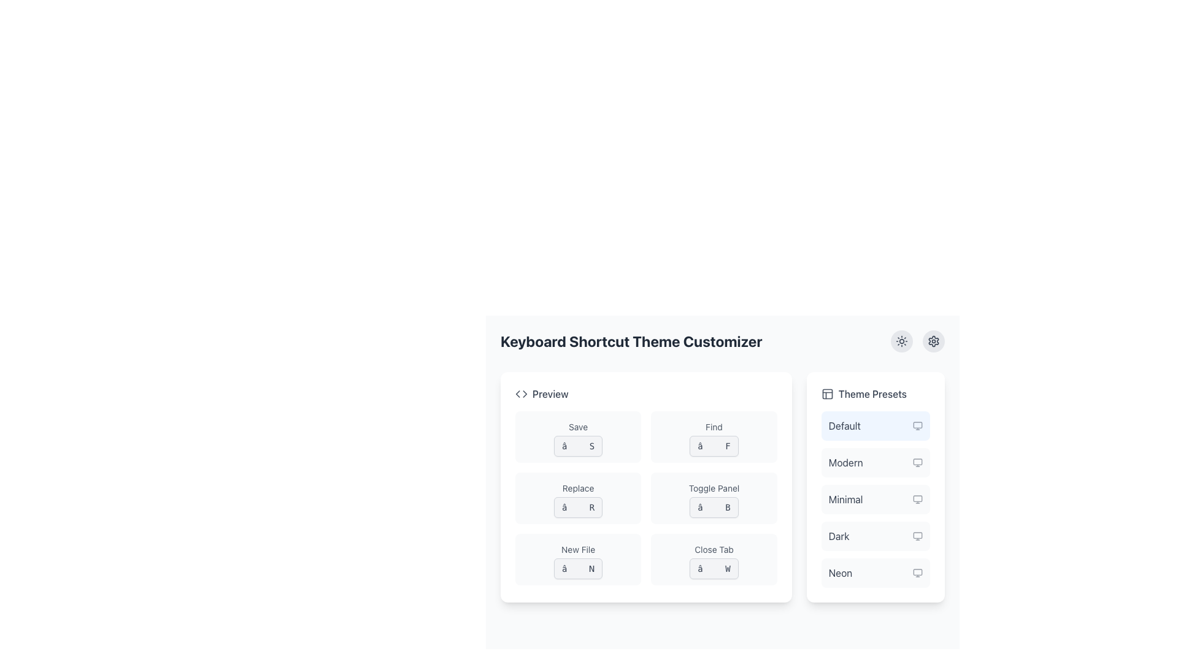 Image resolution: width=1178 pixels, height=662 pixels. Describe the element at coordinates (722, 486) in the screenshot. I see `the sections of the Grid Layout within the 'Keyboard Shortcut Theme Customizer'` at that location.